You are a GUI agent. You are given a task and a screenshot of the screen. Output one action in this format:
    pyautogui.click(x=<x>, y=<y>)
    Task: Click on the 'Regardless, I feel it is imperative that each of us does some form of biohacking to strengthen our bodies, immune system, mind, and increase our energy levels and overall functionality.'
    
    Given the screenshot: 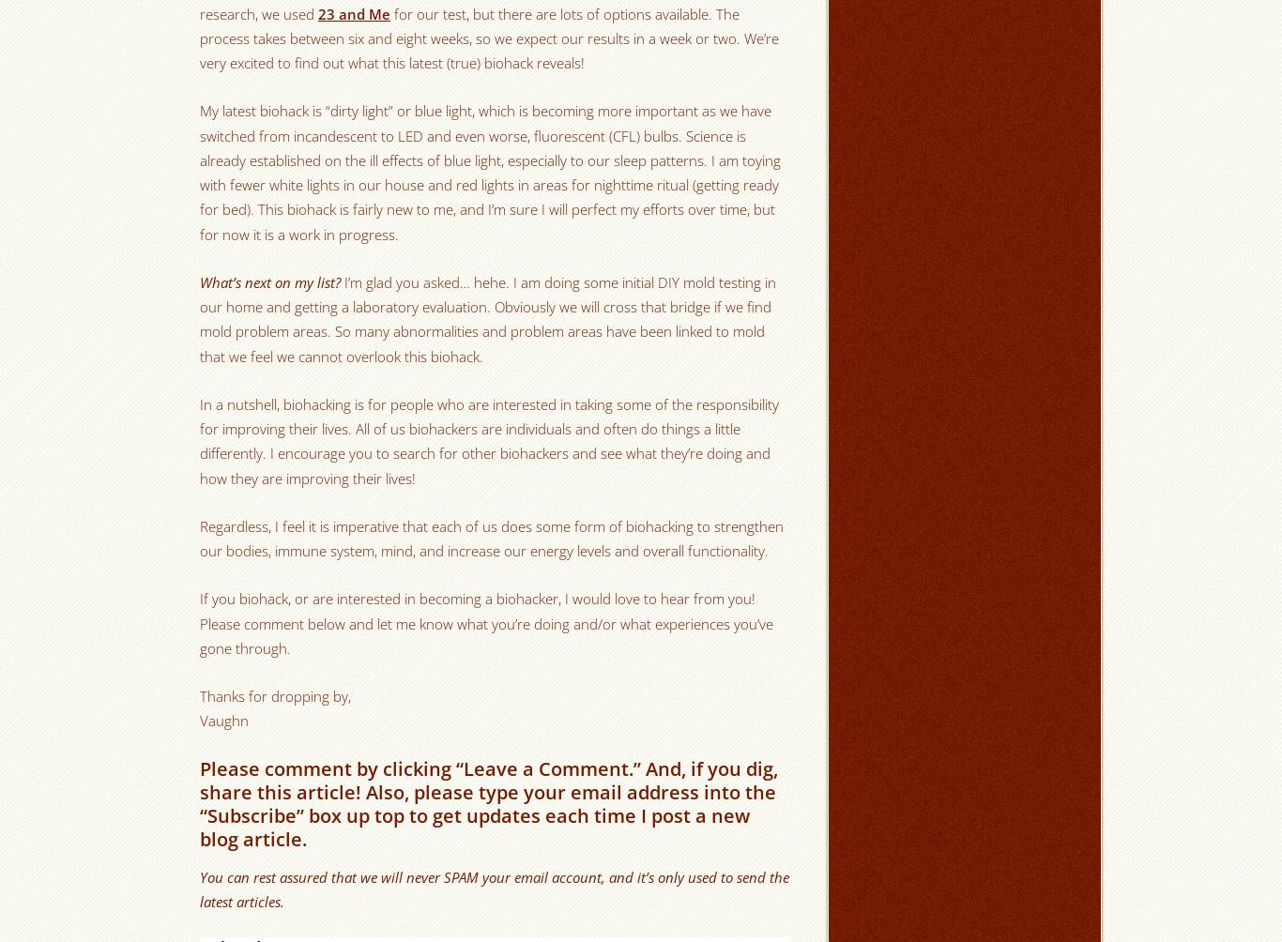 What is the action you would take?
    pyautogui.click(x=491, y=538)
    